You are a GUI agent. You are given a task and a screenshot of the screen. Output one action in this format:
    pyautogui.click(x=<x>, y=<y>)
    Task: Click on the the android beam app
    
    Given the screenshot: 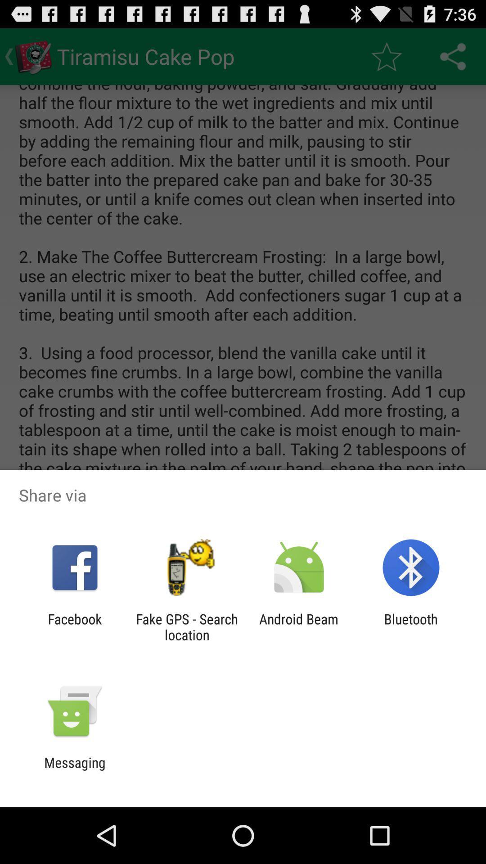 What is the action you would take?
    pyautogui.click(x=299, y=626)
    